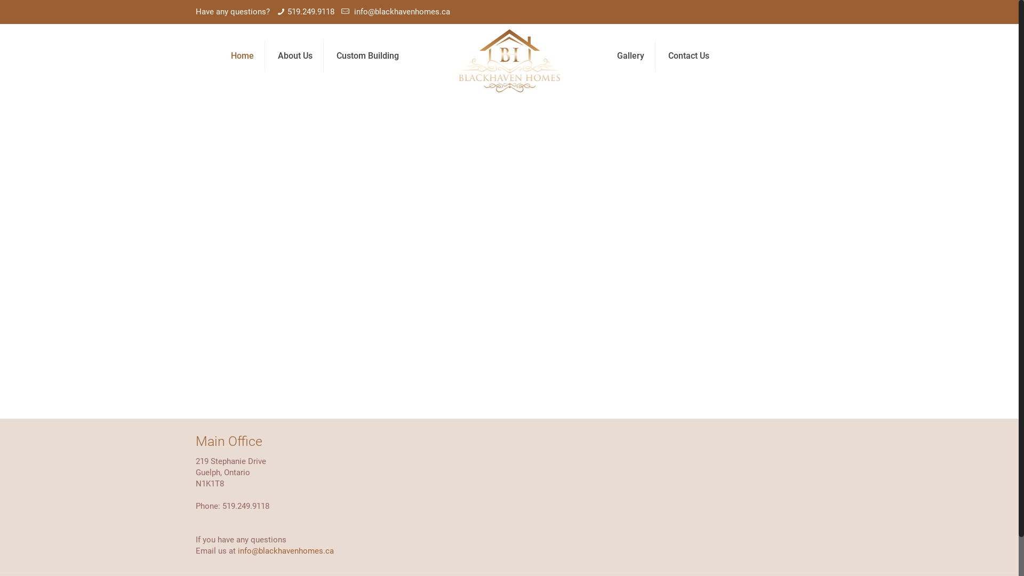  I want to click on '519.249.9118', so click(310, 12).